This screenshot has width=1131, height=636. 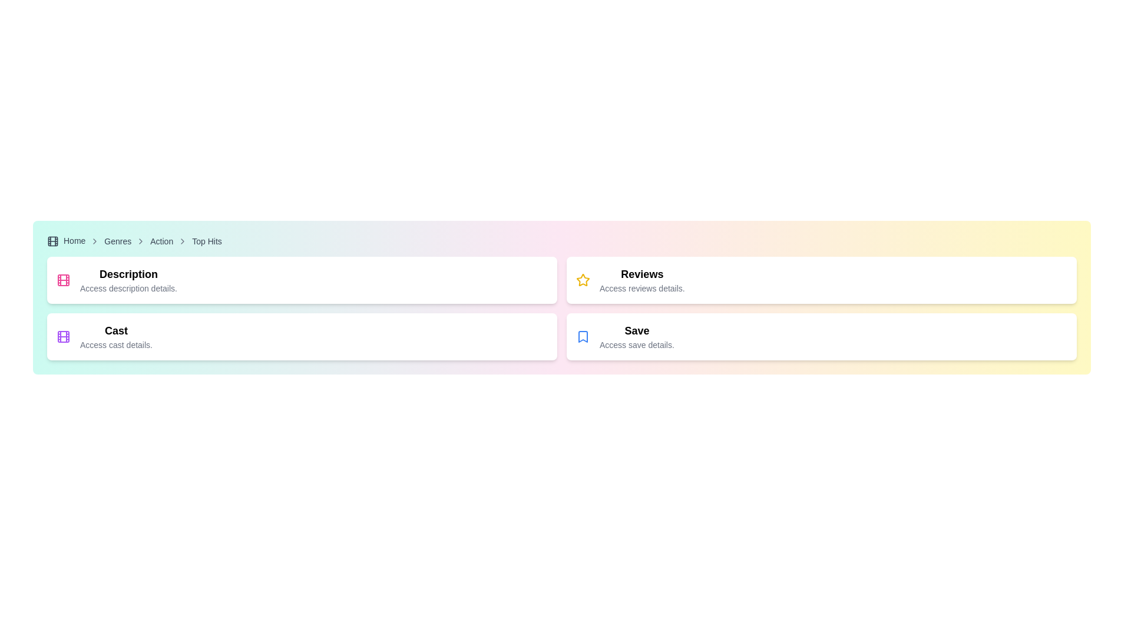 I want to click on the informational static text label located below the 'Reviews' title in the rightmost card of the horizontally arranged set of cards, so click(x=641, y=289).